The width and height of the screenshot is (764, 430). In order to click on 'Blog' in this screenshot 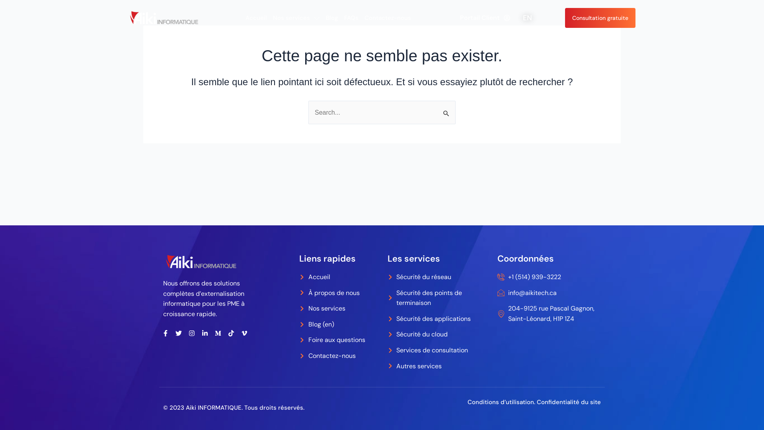, I will do `click(332, 18)`.